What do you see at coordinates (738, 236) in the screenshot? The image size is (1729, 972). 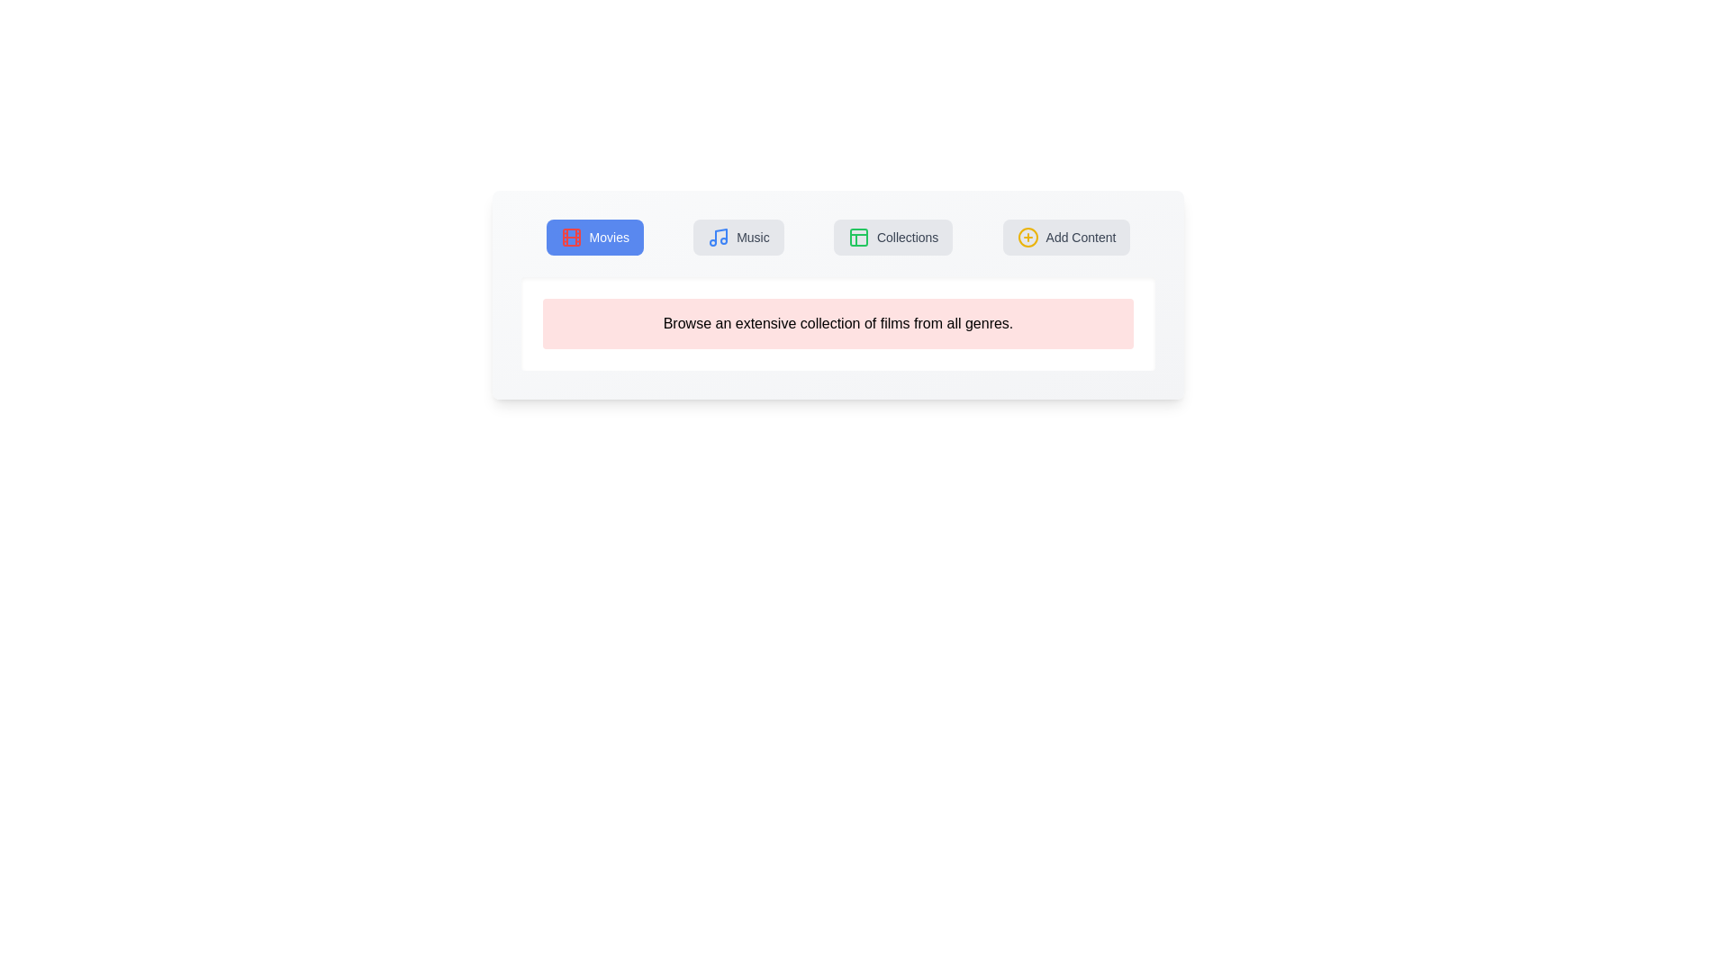 I see `the tab labeled Music to navigate to its corresponding section` at bounding box center [738, 236].